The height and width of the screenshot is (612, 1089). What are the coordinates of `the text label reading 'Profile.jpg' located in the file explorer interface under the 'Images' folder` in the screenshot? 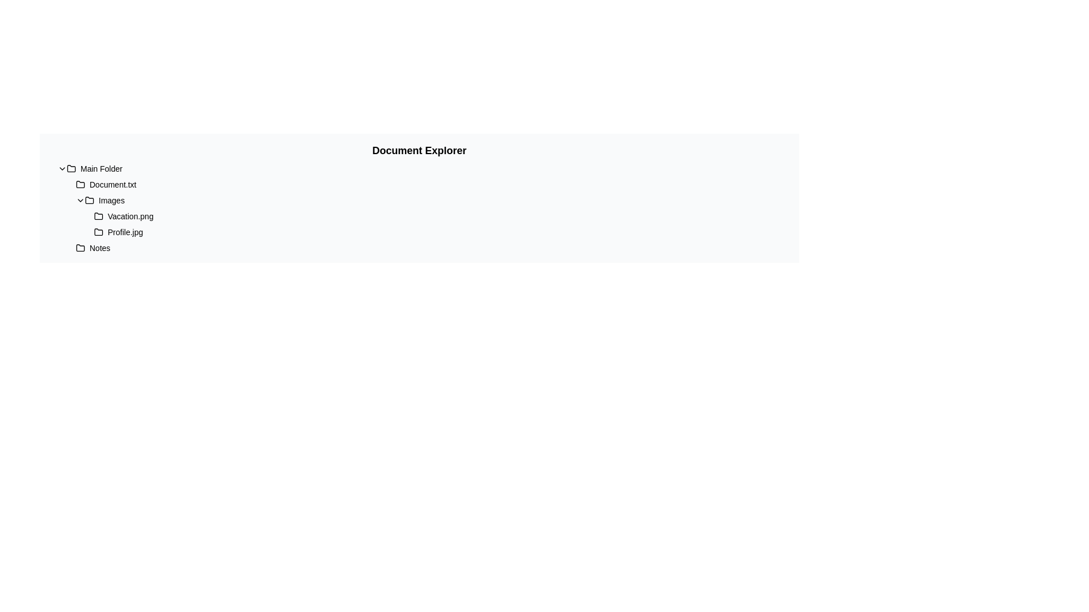 It's located at (125, 231).